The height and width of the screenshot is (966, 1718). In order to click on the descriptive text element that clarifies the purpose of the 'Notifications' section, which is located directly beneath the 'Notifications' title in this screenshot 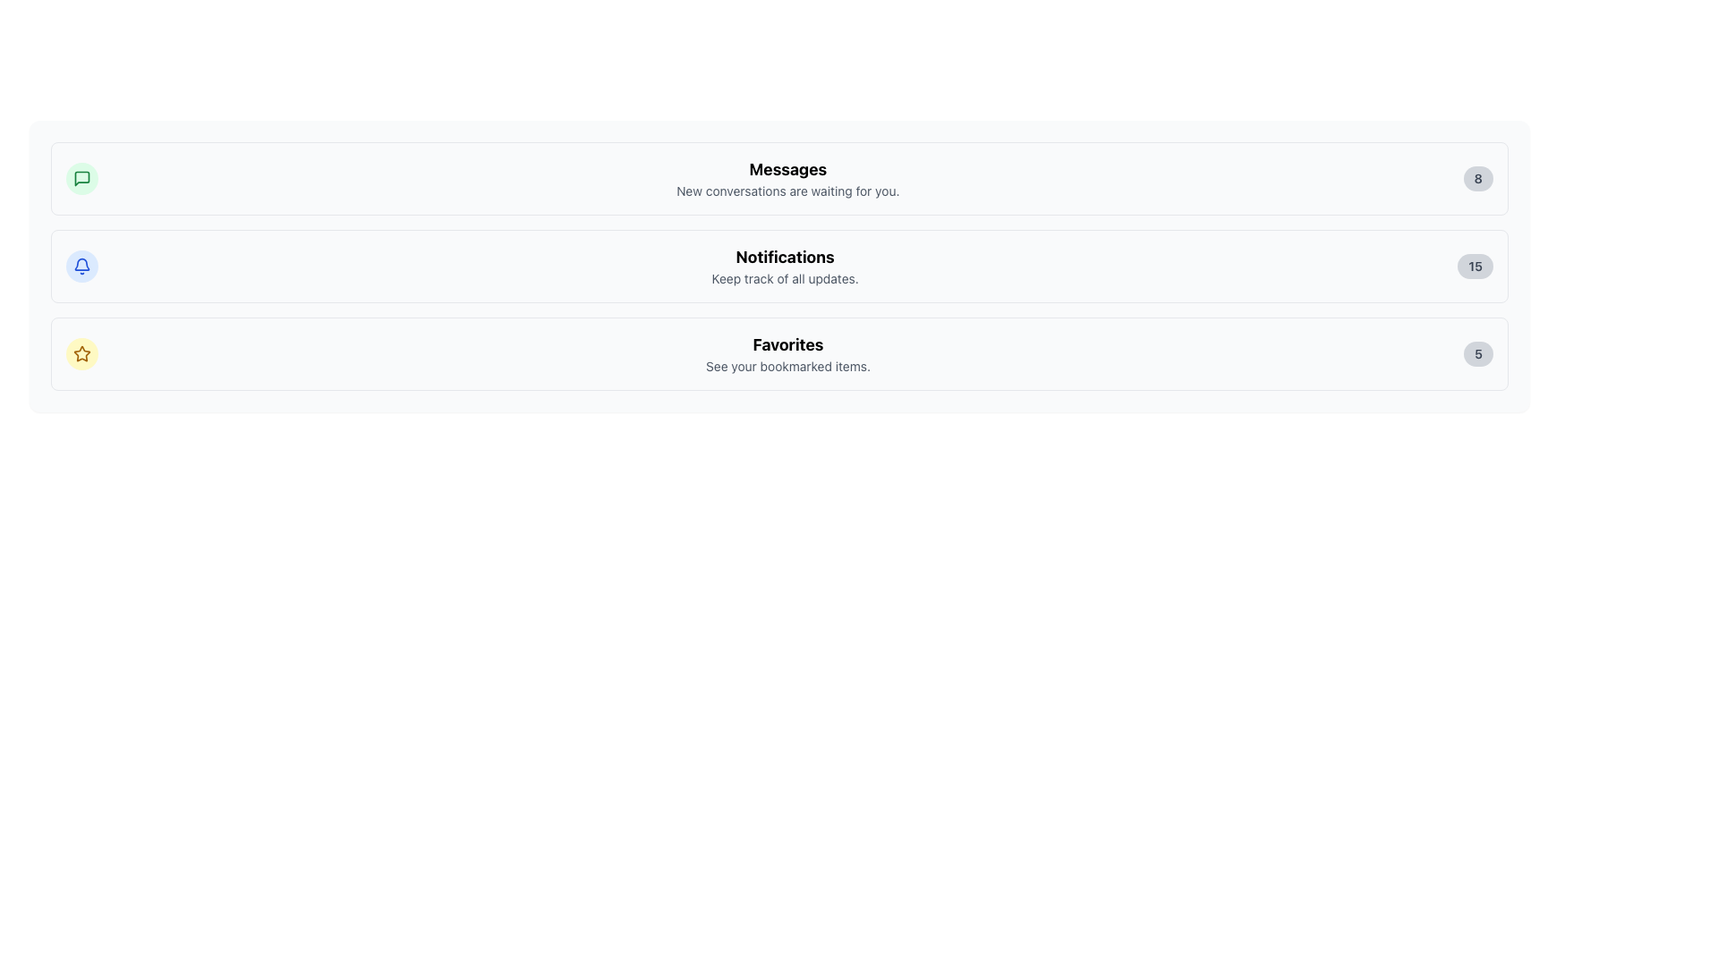, I will do `click(785, 279)`.